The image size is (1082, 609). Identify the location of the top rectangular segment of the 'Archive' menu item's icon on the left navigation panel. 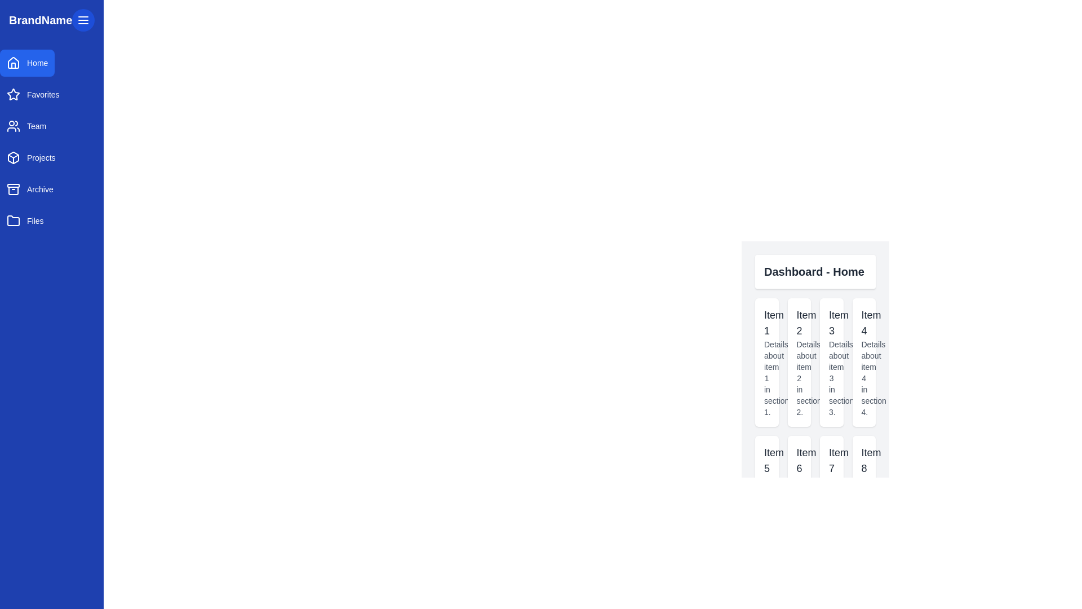
(14, 185).